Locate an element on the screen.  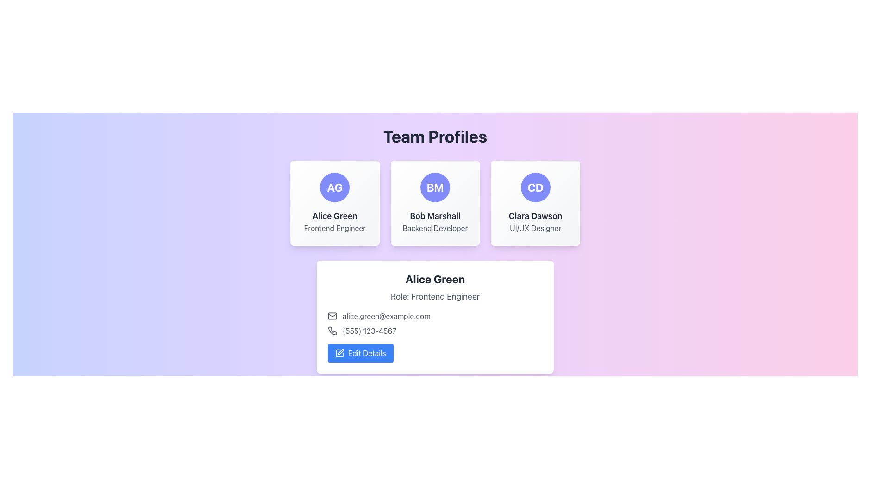
the 'Edit Details' button with a blue background and white text, located at the bottom center of Alice Green's profile card is located at coordinates (360, 353).